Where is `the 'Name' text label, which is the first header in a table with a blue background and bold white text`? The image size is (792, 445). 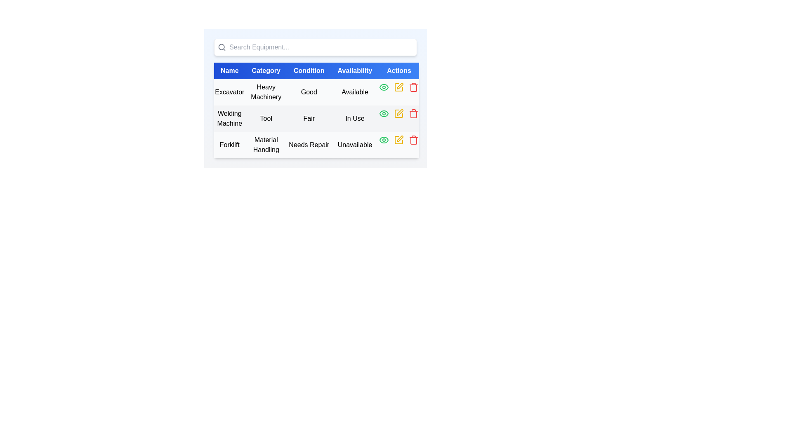 the 'Name' text label, which is the first header in a table with a blue background and bold white text is located at coordinates (229, 70).